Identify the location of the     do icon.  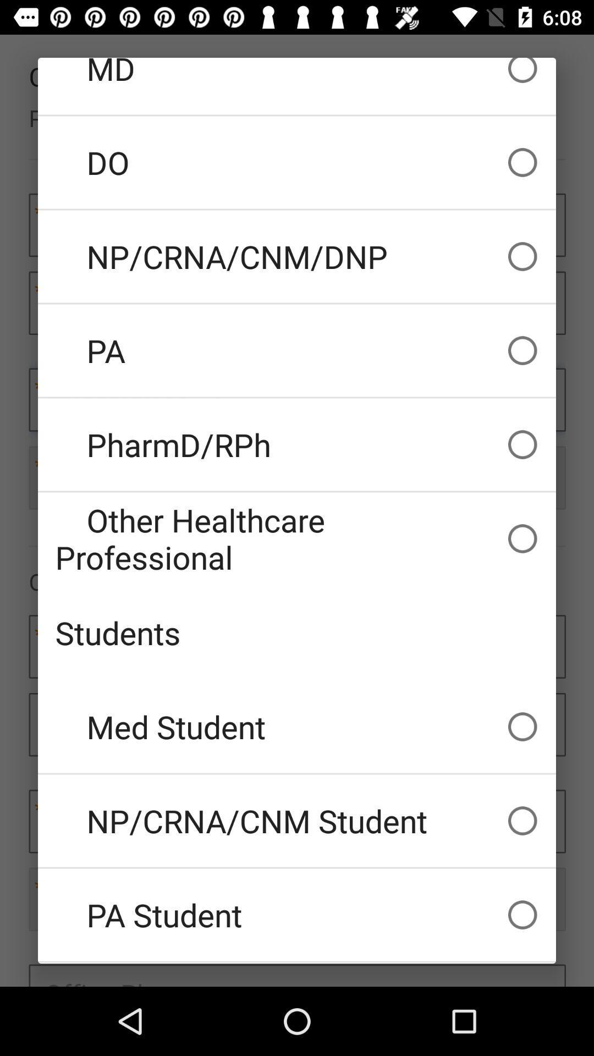
(297, 162).